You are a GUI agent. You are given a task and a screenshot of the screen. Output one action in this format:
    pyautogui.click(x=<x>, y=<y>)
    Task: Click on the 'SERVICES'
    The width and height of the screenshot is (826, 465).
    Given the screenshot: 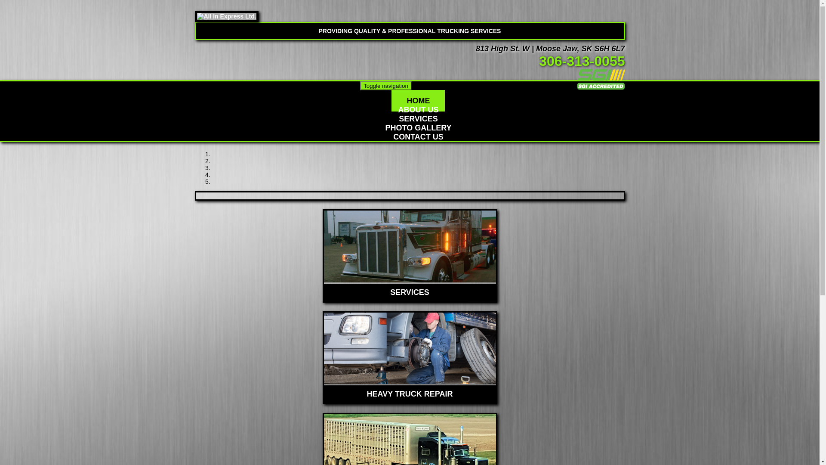 What is the action you would take?
    pyautogui.click(x=383, y=119)
    